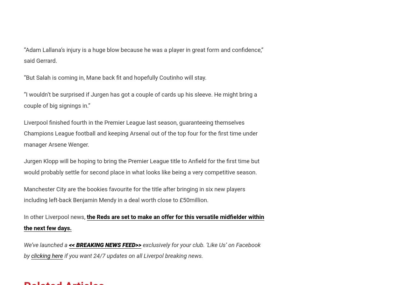  Describe the element at coordinates (72, 244) in the screenshot. I see `'<<'` at that location.